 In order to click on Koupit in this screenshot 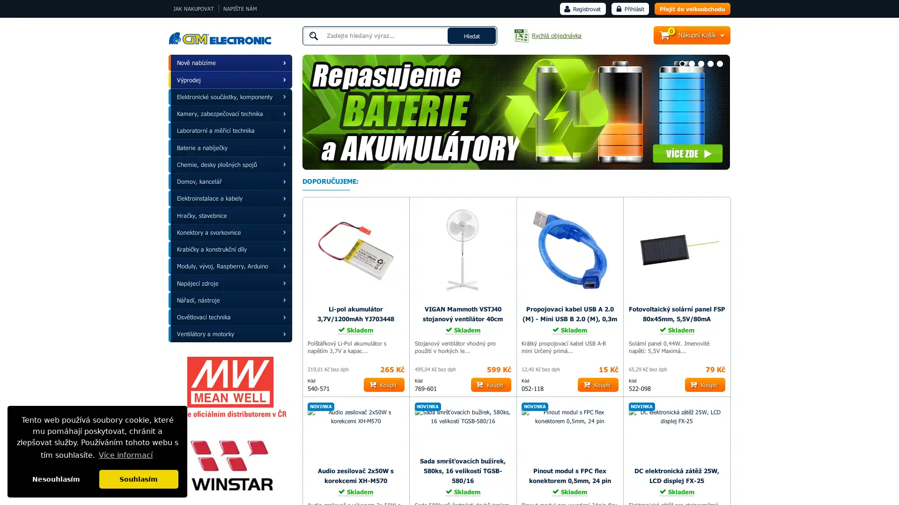, I will do `click(490, 384)`.